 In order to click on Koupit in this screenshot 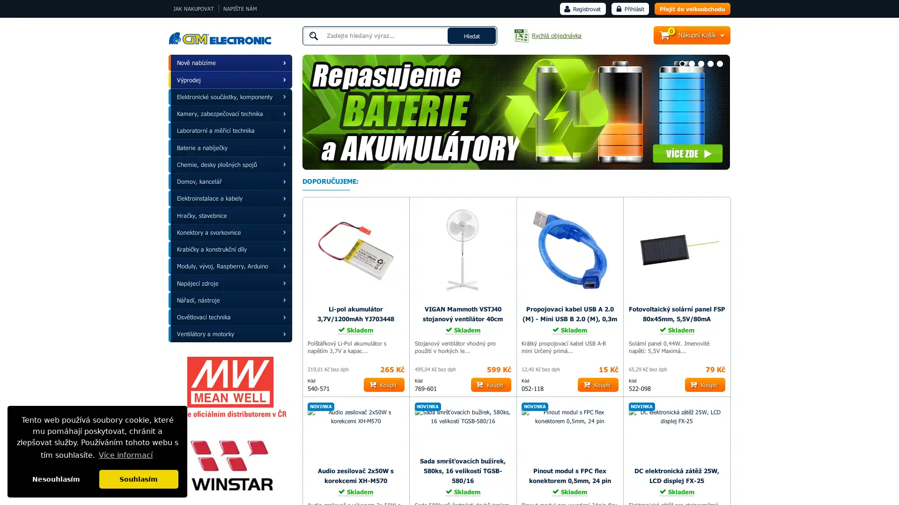, I will do `click(490, 384)`.